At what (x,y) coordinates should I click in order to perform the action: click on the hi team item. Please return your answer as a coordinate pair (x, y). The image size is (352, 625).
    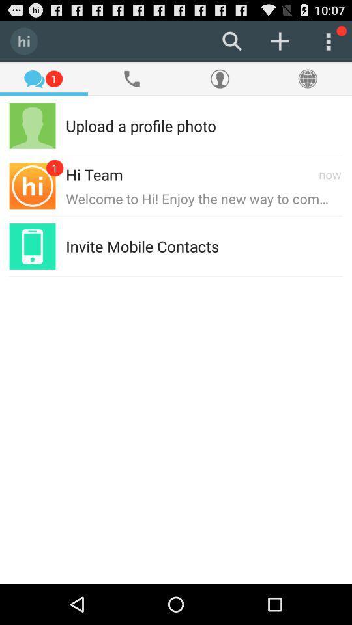
    Looking at the image, I should click on (93, 173).